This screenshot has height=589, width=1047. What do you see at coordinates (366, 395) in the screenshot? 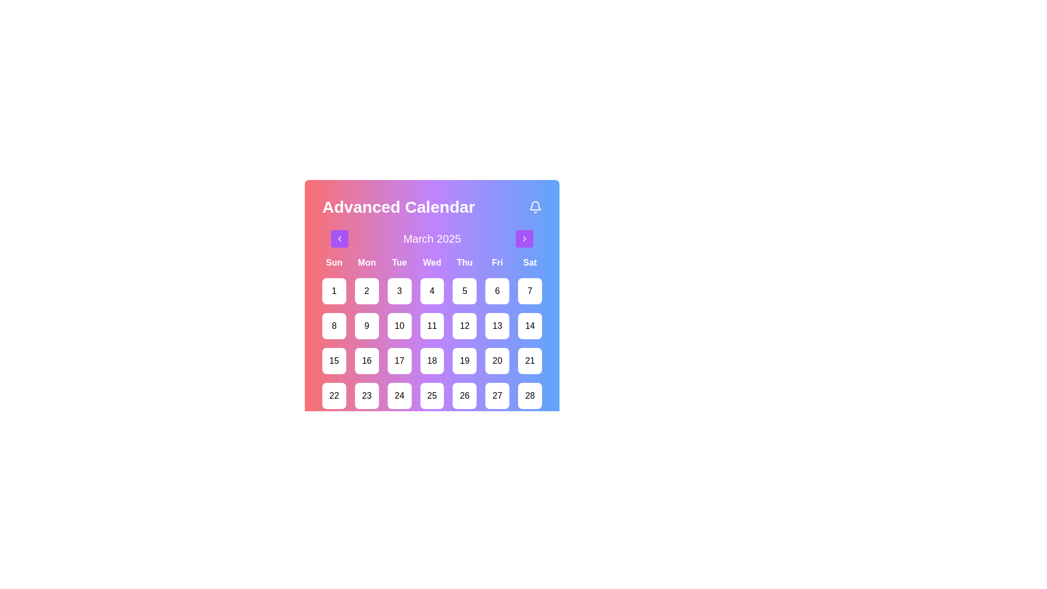
I see `the button representing the 23rd day of the calendar` at bounding box center [366, 395].